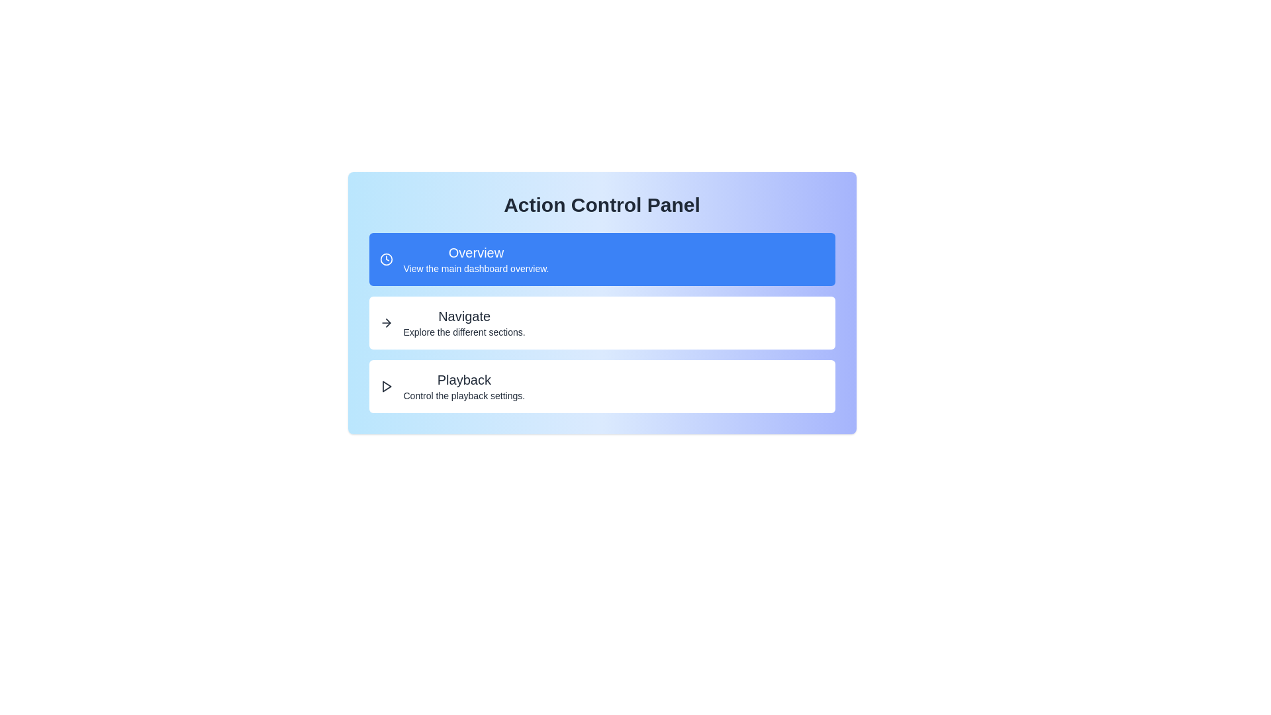  What do you see at coordinates (601, 386) in the screenshot?
I see `the bottom-most clickable section` at bounding box center [601, 386].